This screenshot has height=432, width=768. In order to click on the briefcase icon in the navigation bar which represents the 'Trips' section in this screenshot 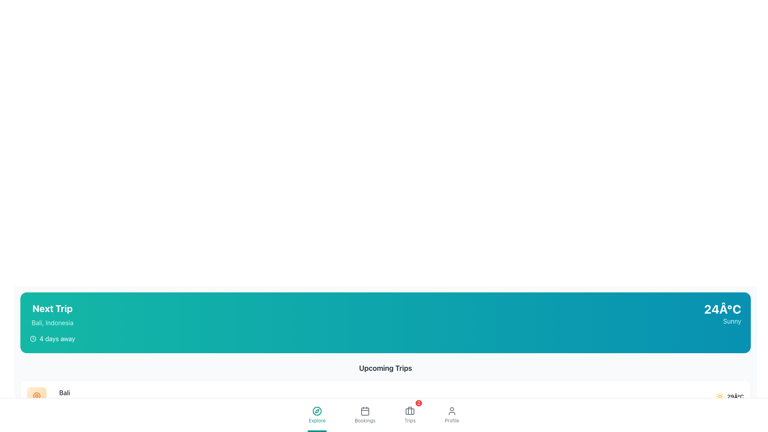, I will do `click(410, 411)`.